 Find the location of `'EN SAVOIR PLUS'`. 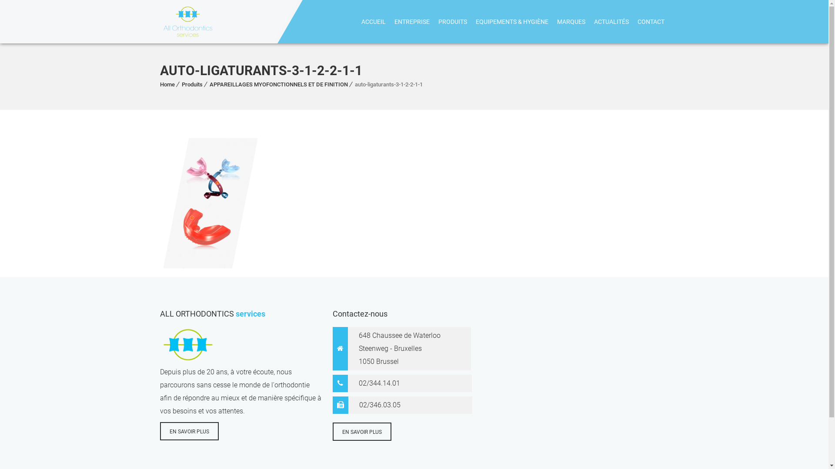

'EN SAVOIR PLUS' is located at coordinates (189, 431).